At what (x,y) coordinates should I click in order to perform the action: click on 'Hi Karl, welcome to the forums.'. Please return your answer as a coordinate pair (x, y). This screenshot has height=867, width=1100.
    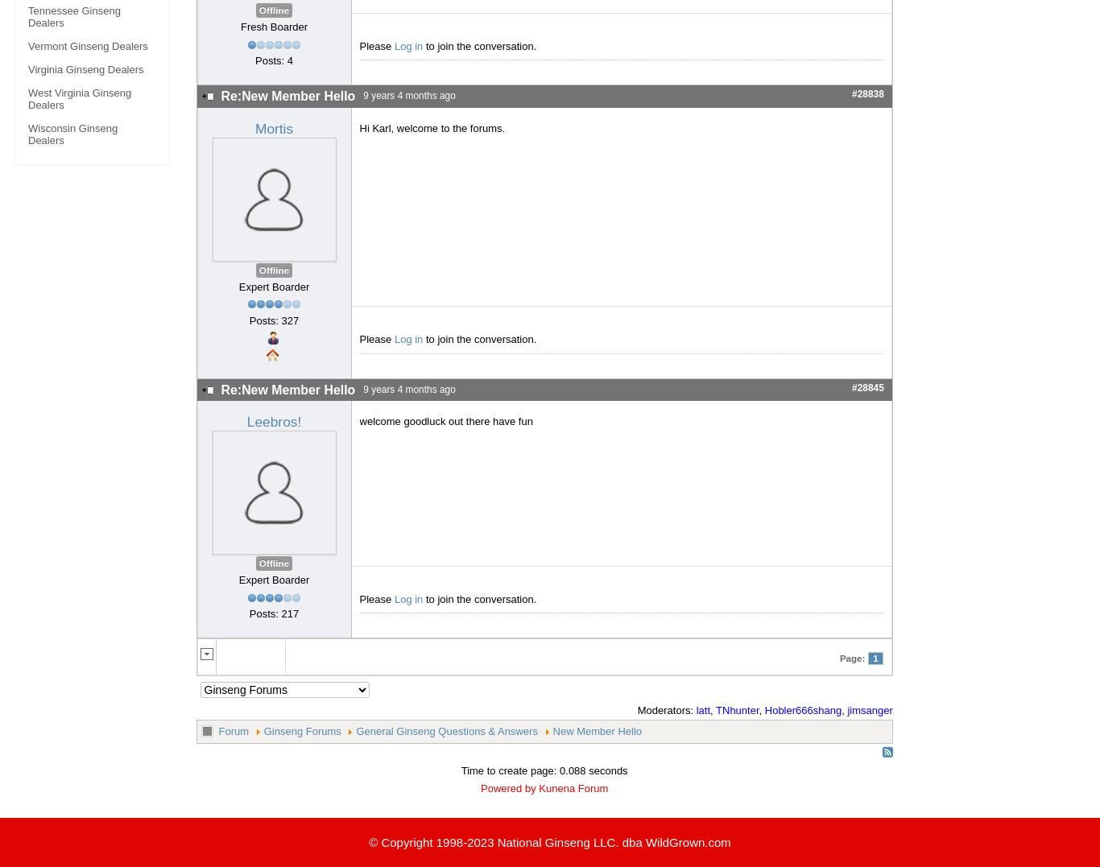
    Looking at the image, I should click on (432, 127).